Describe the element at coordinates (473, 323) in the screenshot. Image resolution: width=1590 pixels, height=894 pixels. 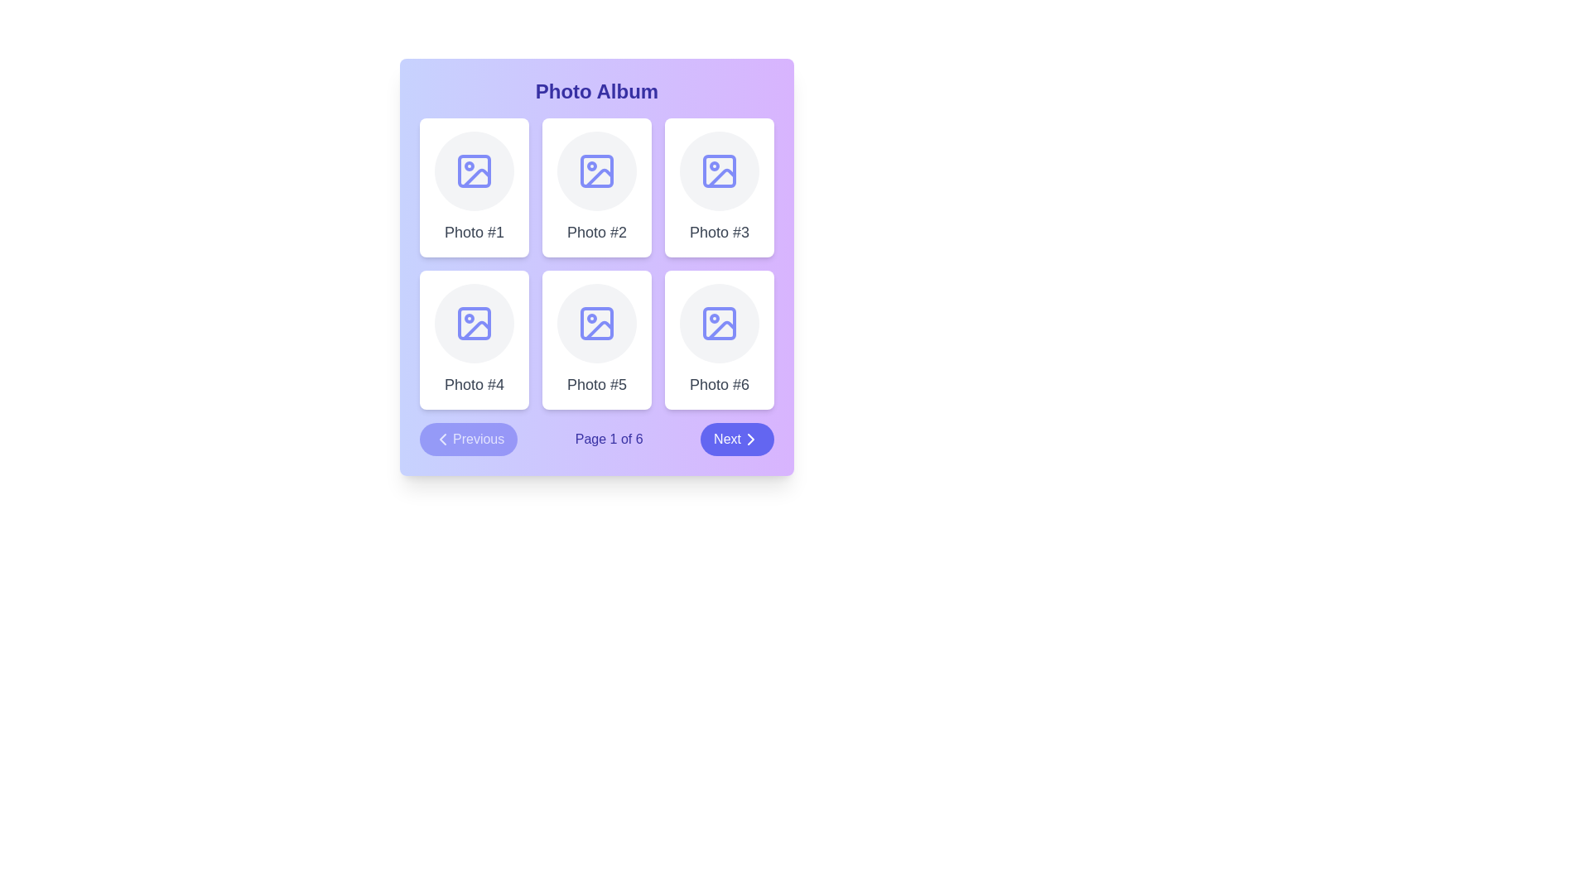
I see `the image placeholder icon located in the 'Photo #4' slot on the second row and first column of the 'Photo Album' grid` at that location.